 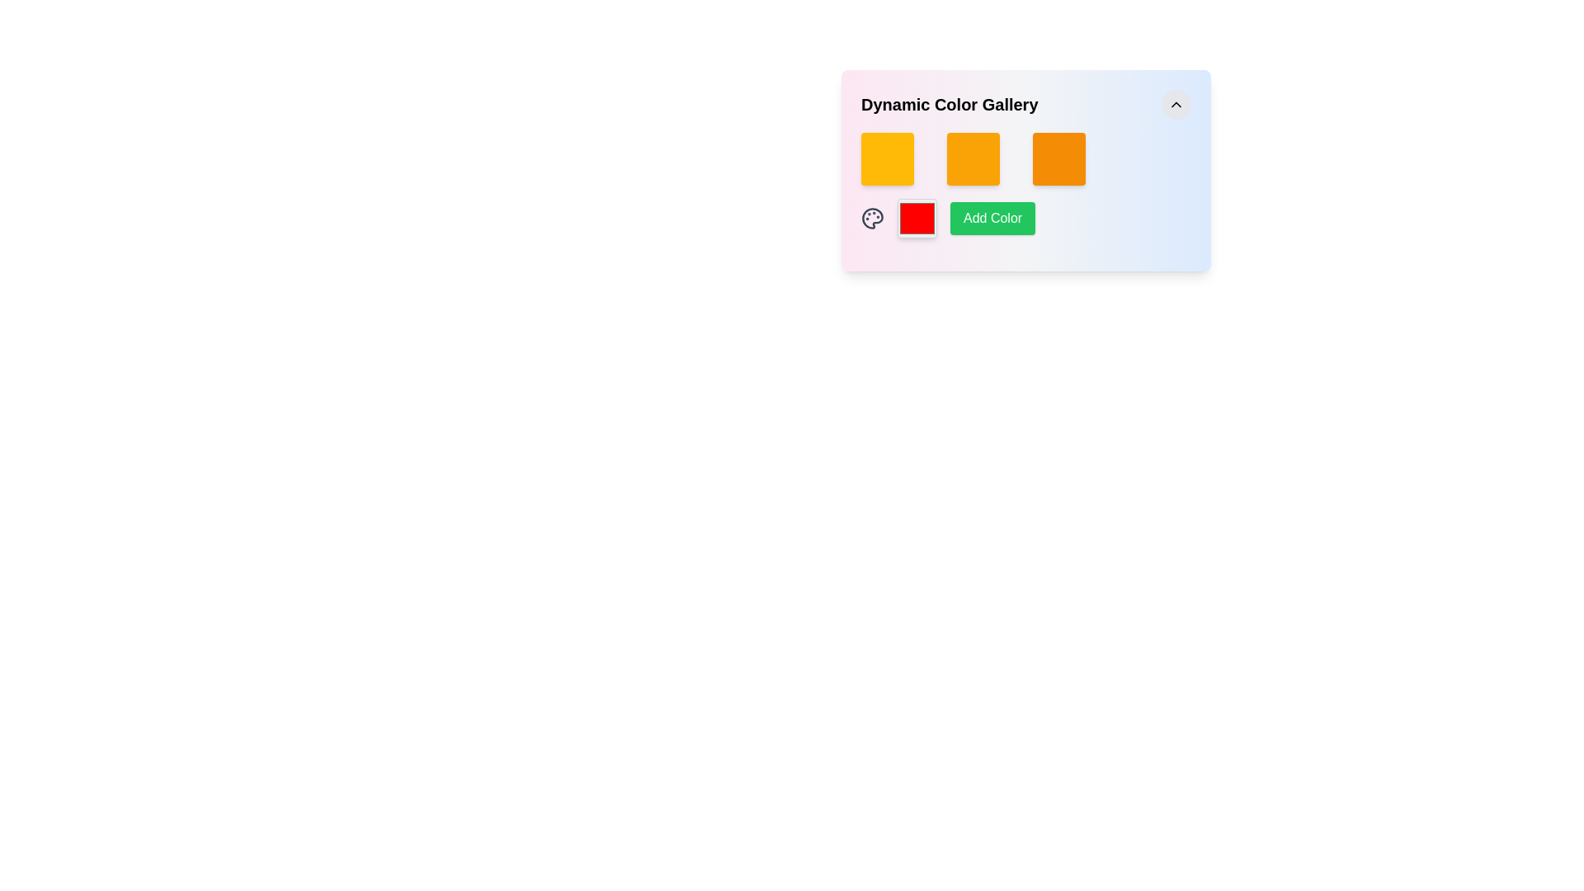 What do you see at coordinates (1058, 158) in the screenshot?
I see `the third square in the row of four squares within the 'Dynamic Color Gallery' section` at bounding box center [1058, 158].